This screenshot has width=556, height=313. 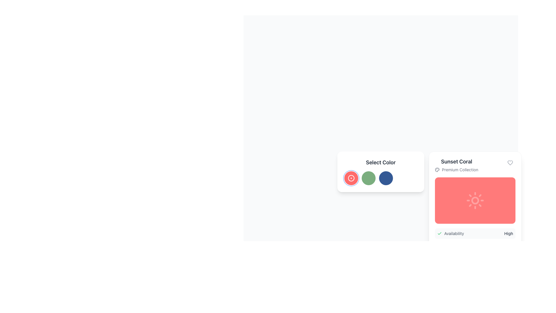 I want to click on the painter's palette icon located to the left of the 'Premium Collection' text in the 'Sunset Coral' card component, so click(x=437, y=170).